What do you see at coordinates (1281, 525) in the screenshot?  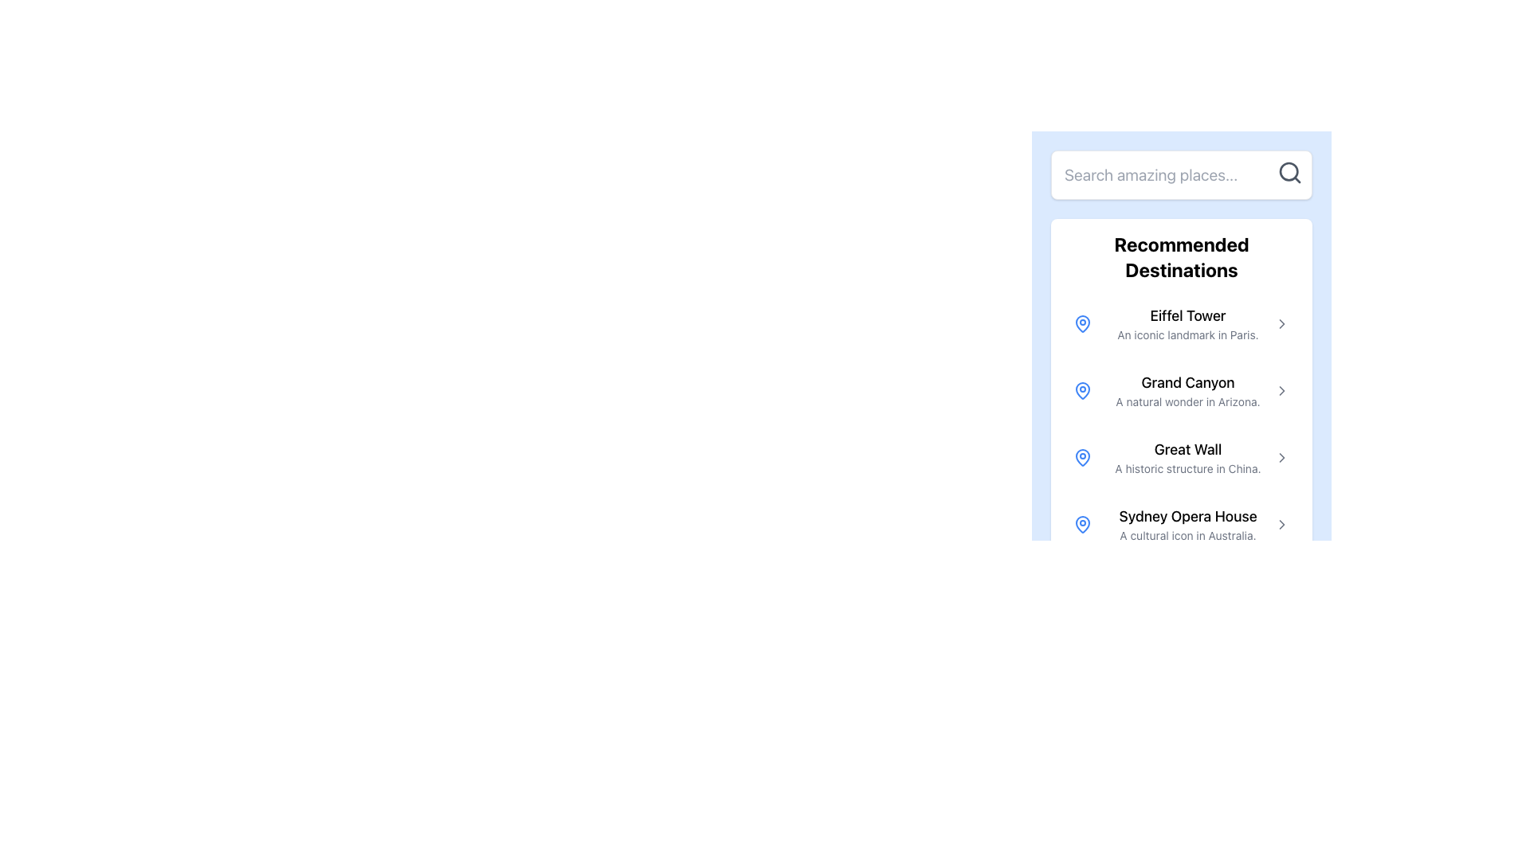 I see `the Chevron Icon located at the right edge of the 'Sydney Opera House' list item in the 'Recommended Destinations' section for additional information` at bounding box center [1281, 525].